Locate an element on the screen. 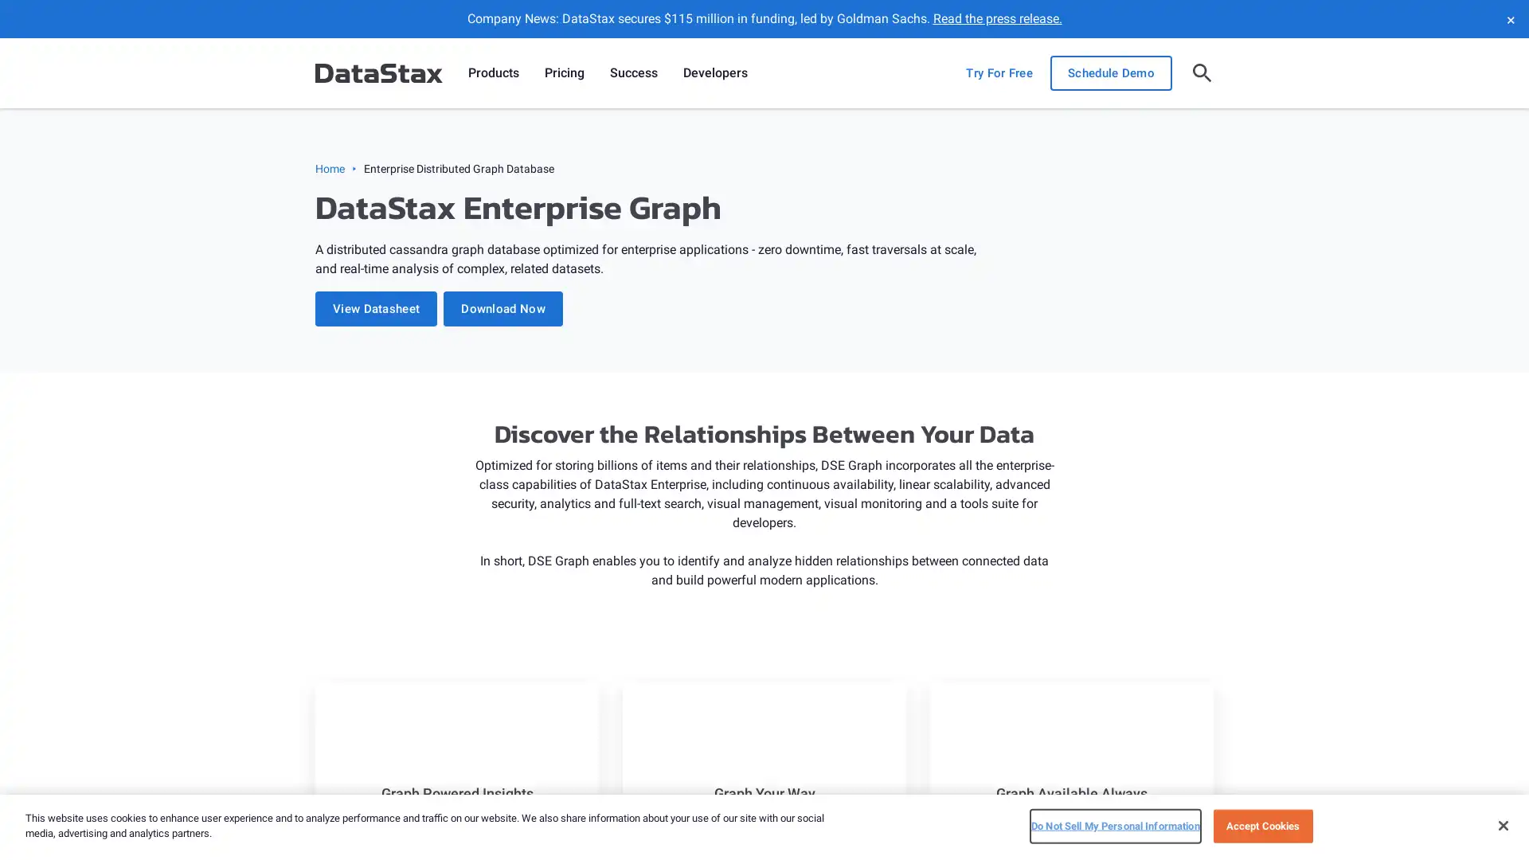  Do Not Sell My Personal Information is located at coordinates (1114, 825).